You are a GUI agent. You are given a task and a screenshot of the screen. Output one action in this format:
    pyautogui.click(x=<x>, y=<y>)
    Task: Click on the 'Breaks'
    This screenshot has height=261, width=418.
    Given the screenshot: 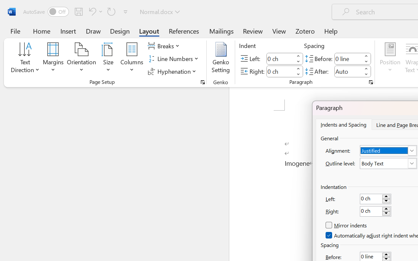 What is the action you would take?
    pyautogui.click(x=165, y=46)
    